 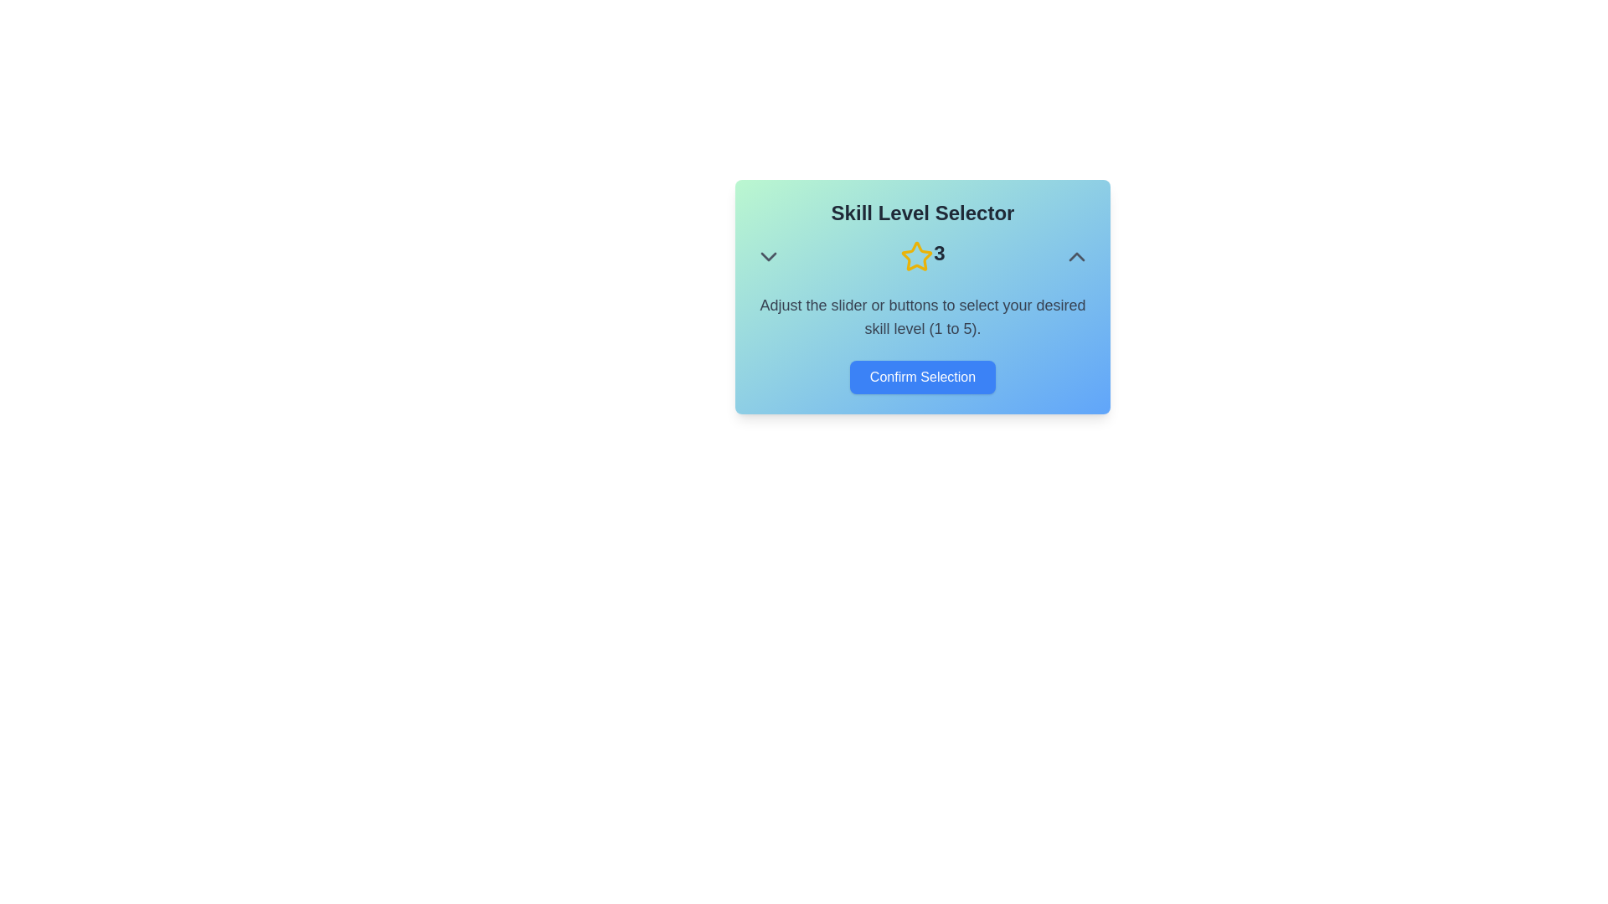 I want to click on the skill level to 5 by clicking the appropriate arrow button, so click(x=1077, y=257).